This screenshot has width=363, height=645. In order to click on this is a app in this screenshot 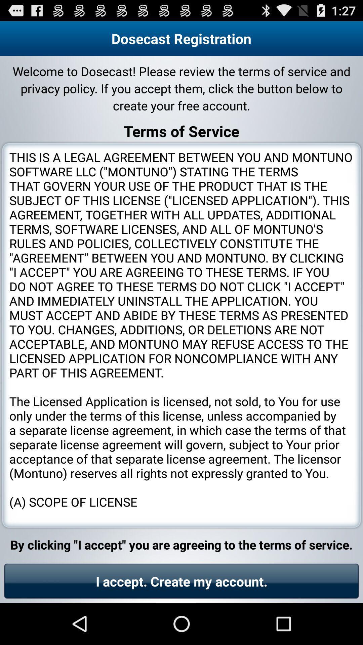, I will do `click(182, 335)`.